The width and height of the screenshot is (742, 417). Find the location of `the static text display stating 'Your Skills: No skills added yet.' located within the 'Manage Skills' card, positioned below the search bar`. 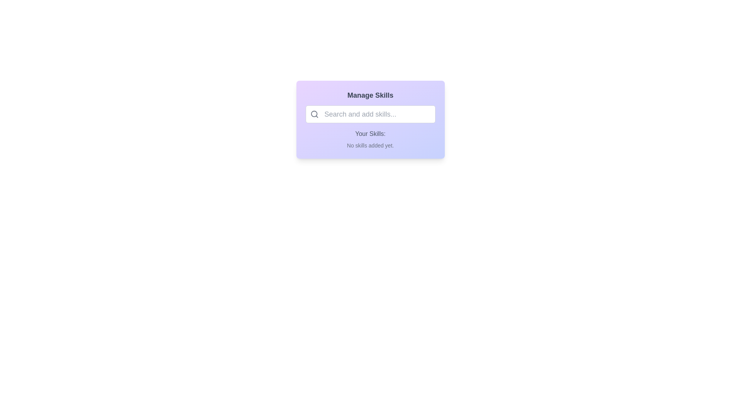

the static text display stating 'Your Skills: No skills added yet.' located within the 'Manage Skills' card, positioned below the search bar is located at coordinates (370, 139).